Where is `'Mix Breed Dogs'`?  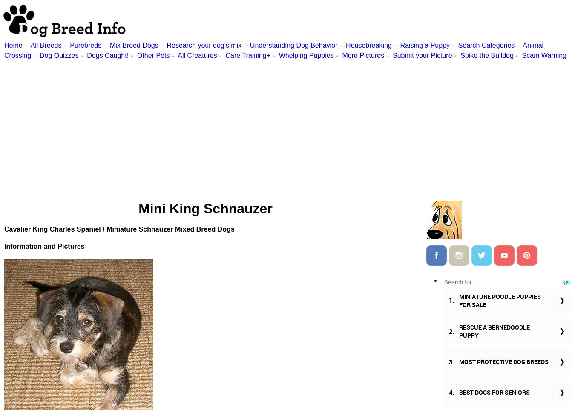
'Mix Breed Dogs' is located at coordinates (109, 45).